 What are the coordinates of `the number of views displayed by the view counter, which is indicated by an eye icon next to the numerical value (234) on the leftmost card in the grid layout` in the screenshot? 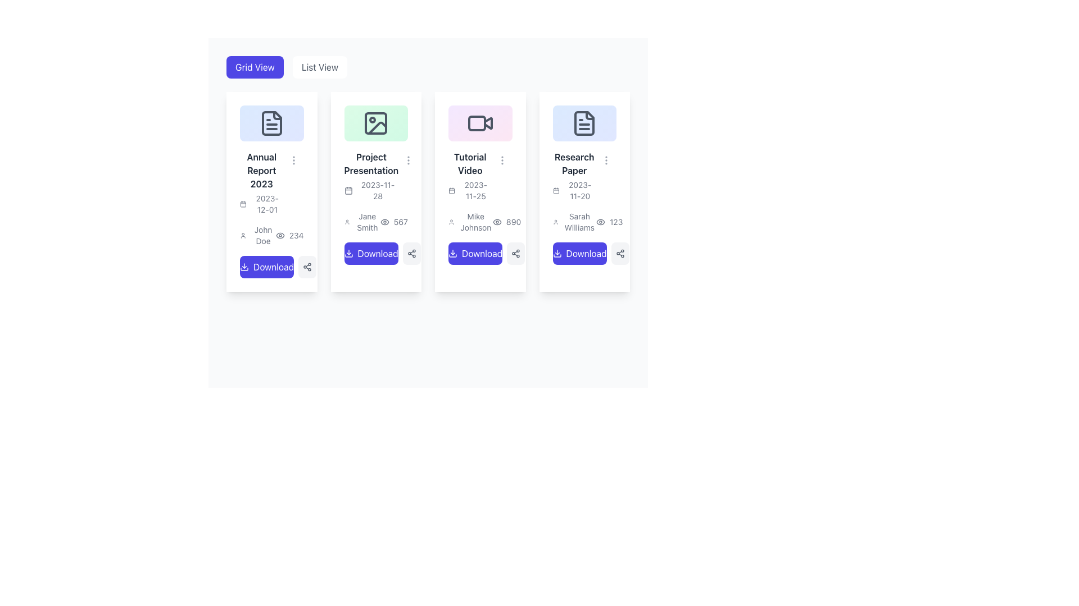 It's located at (289, 235).